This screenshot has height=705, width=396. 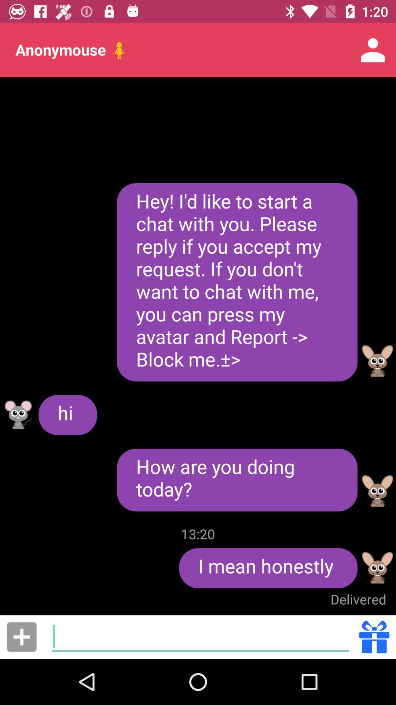 What do you see at coordinates (200, 636) in the screenshot?
I see `chating box` at bounding box center [200, 636].